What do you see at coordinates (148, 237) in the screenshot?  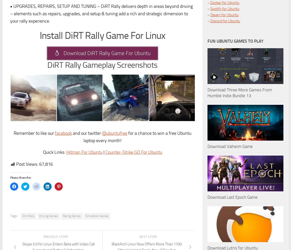 I see `'Next story'` at bounding box center [148, 237].